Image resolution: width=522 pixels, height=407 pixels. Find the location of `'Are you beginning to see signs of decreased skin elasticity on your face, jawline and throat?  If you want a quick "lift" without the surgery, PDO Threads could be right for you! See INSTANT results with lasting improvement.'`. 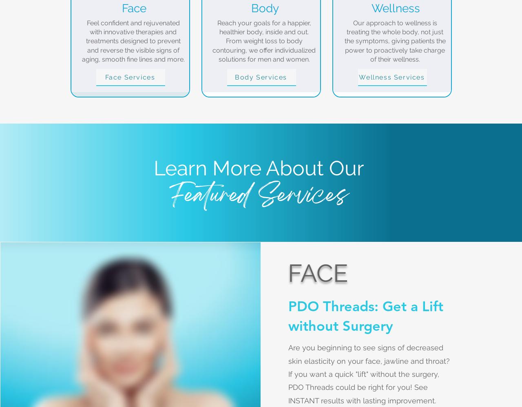

'Are you beginning to see signs of decreased skin elasticity on your face, jawline and throat?  If you want a quick "lift" without the surgery, PDO Threads could be right for you! See INSTANT results with lasting improvement.' is located at coordinates (369, 374).